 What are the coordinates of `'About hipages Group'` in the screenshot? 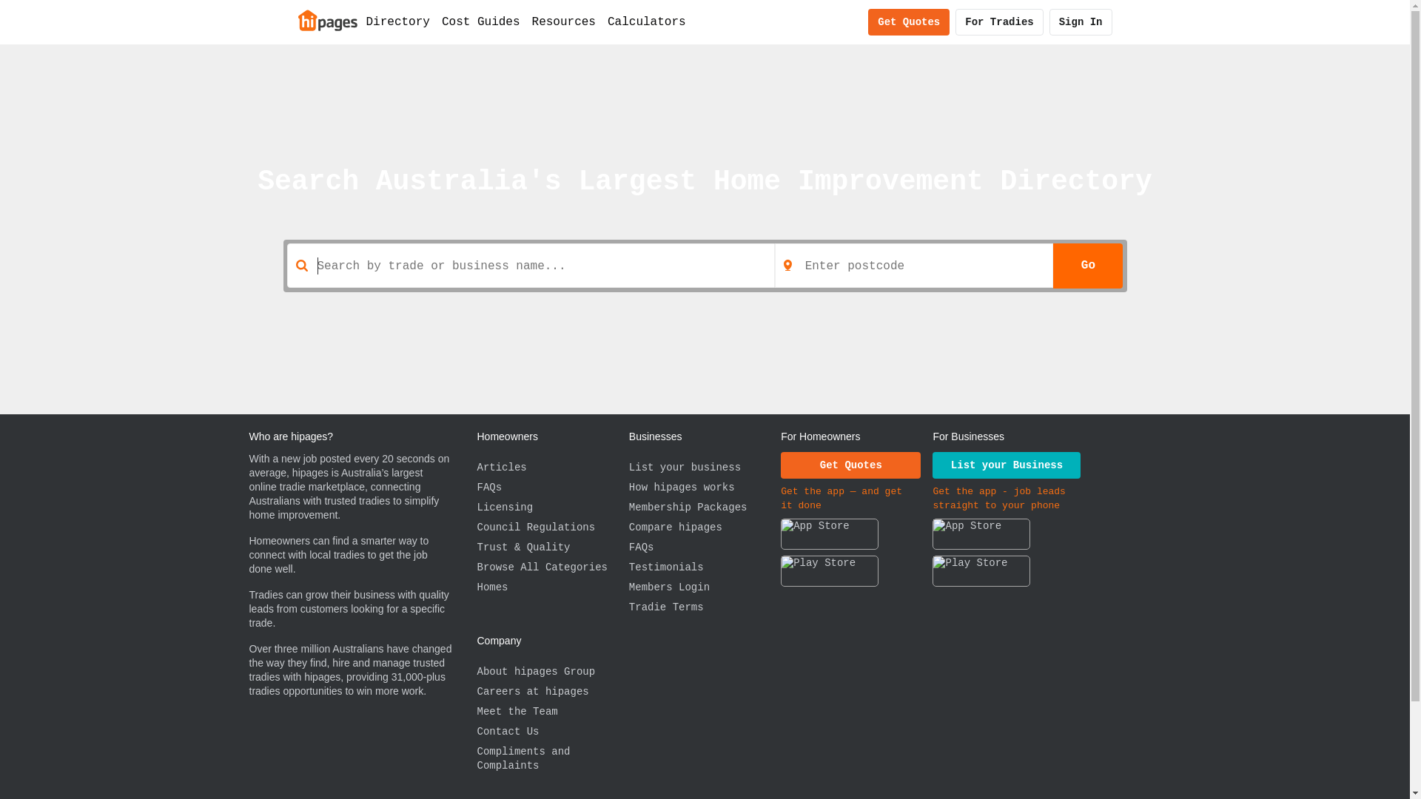 It's located at (551, 672).